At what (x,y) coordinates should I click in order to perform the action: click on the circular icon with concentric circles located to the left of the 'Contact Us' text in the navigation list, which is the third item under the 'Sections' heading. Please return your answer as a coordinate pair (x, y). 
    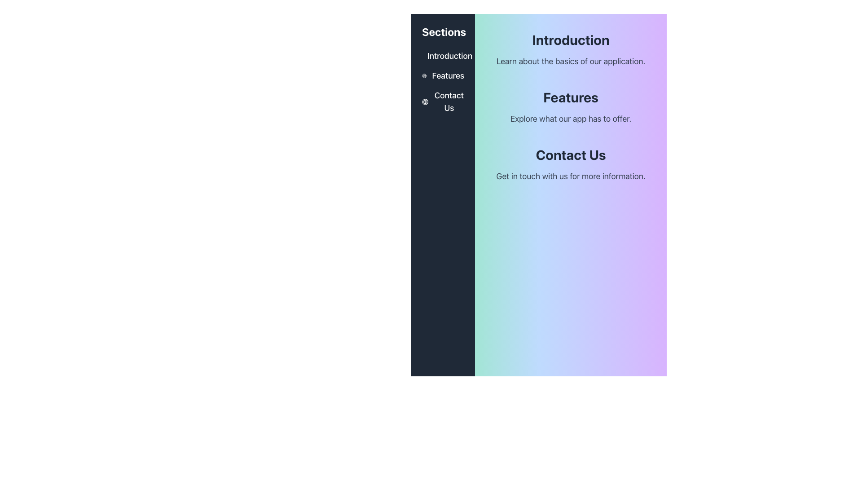
    Looking at the image, I should click on (425, 101).